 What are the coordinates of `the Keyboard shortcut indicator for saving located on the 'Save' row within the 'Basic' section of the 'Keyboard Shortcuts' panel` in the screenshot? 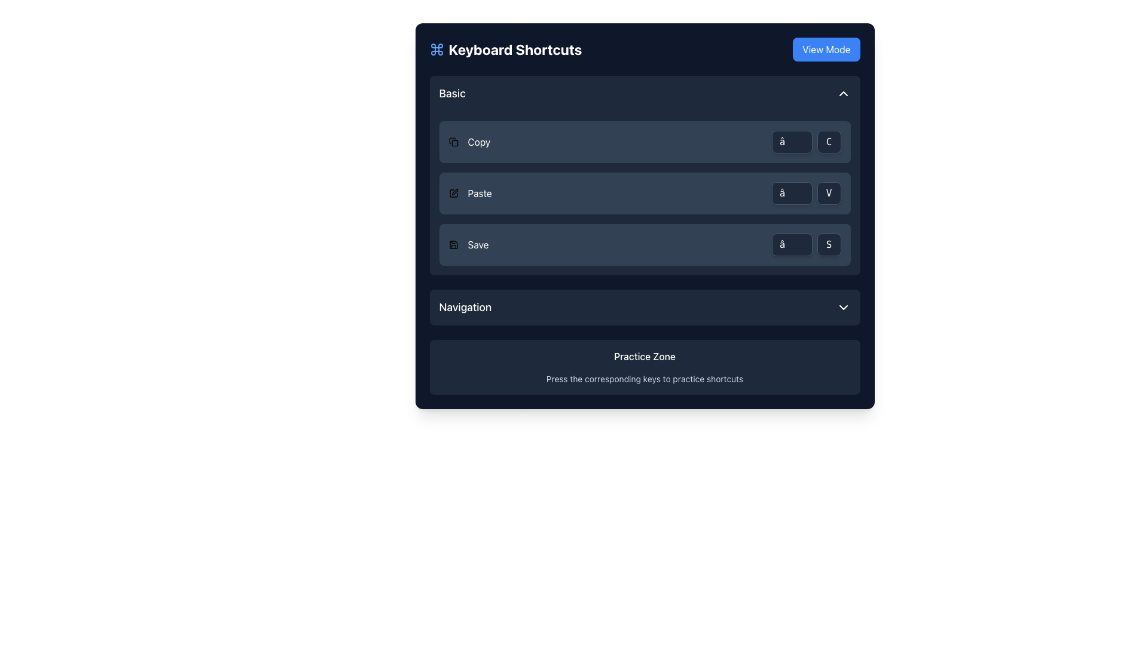 It's located at (806, 244).